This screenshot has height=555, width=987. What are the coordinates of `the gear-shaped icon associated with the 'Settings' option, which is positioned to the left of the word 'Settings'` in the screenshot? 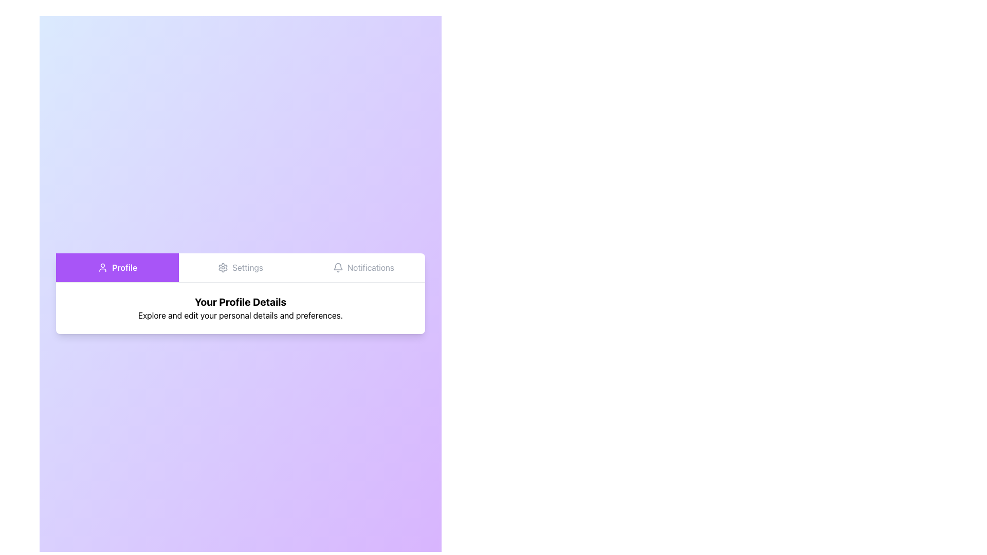 It's located at (223, 267).